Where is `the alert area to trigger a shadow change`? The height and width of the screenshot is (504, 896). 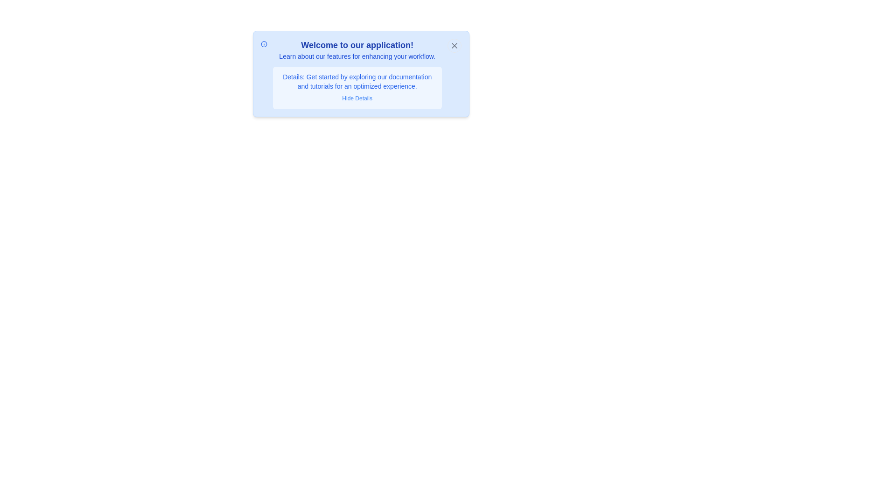 the alert area to trigger a shadow change is located at coordinates (360, 73).